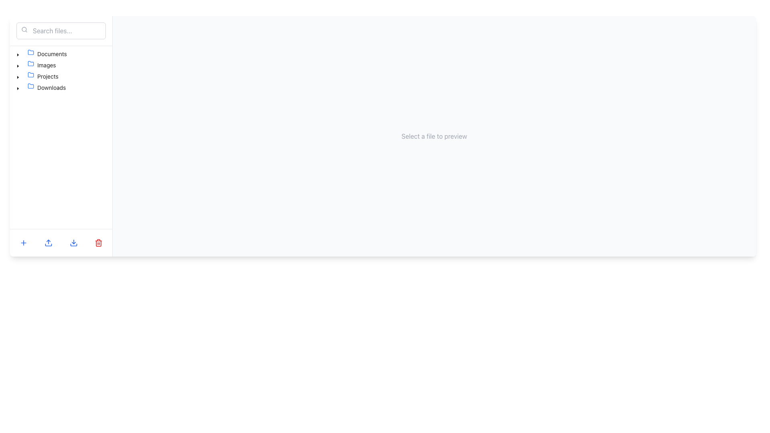 The height and width of the screenshot is (433, 770). Describe the element at coordinates (24, 29) in the screenshot. I see `the search field adjacent to the magnifying glass icon, which is a gray SVG icon positioned to the left inside a search input field` at that location.